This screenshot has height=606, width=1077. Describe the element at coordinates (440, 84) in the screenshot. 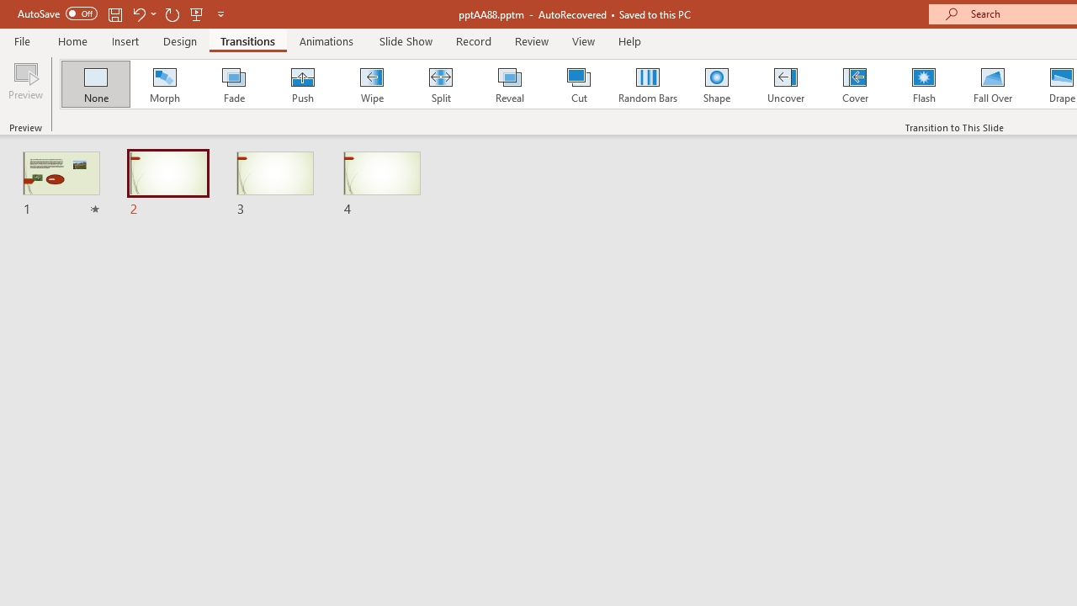

I see `'Split'` at that location.